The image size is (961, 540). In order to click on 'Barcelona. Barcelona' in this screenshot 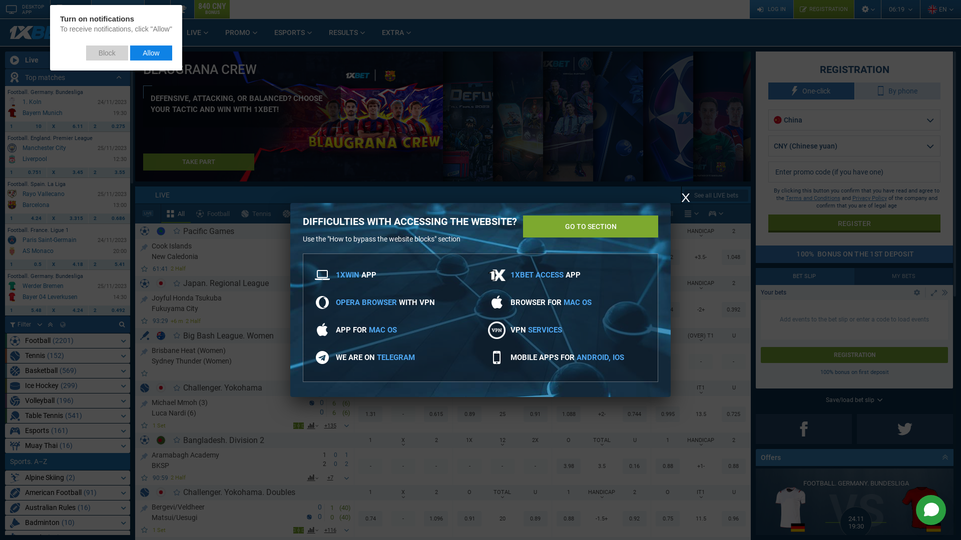, I will do `click(12, 204)`.